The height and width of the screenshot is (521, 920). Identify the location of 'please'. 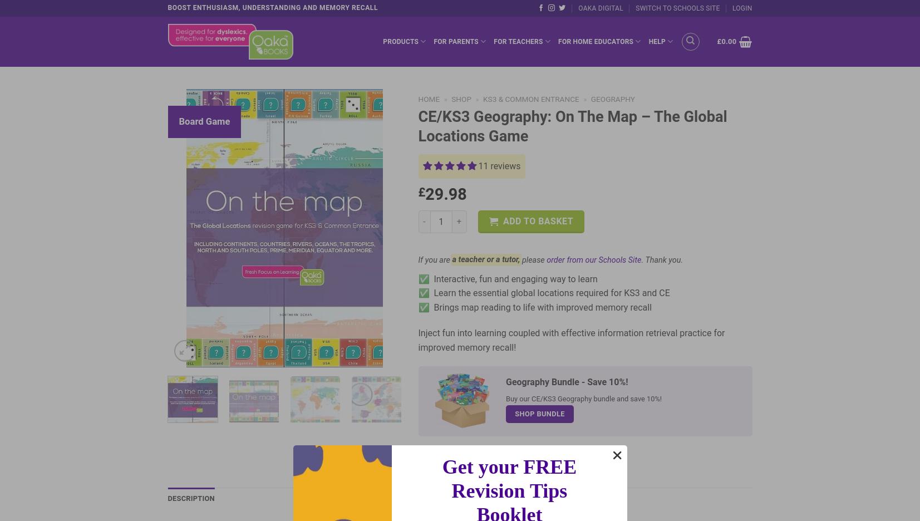
(533, 259).